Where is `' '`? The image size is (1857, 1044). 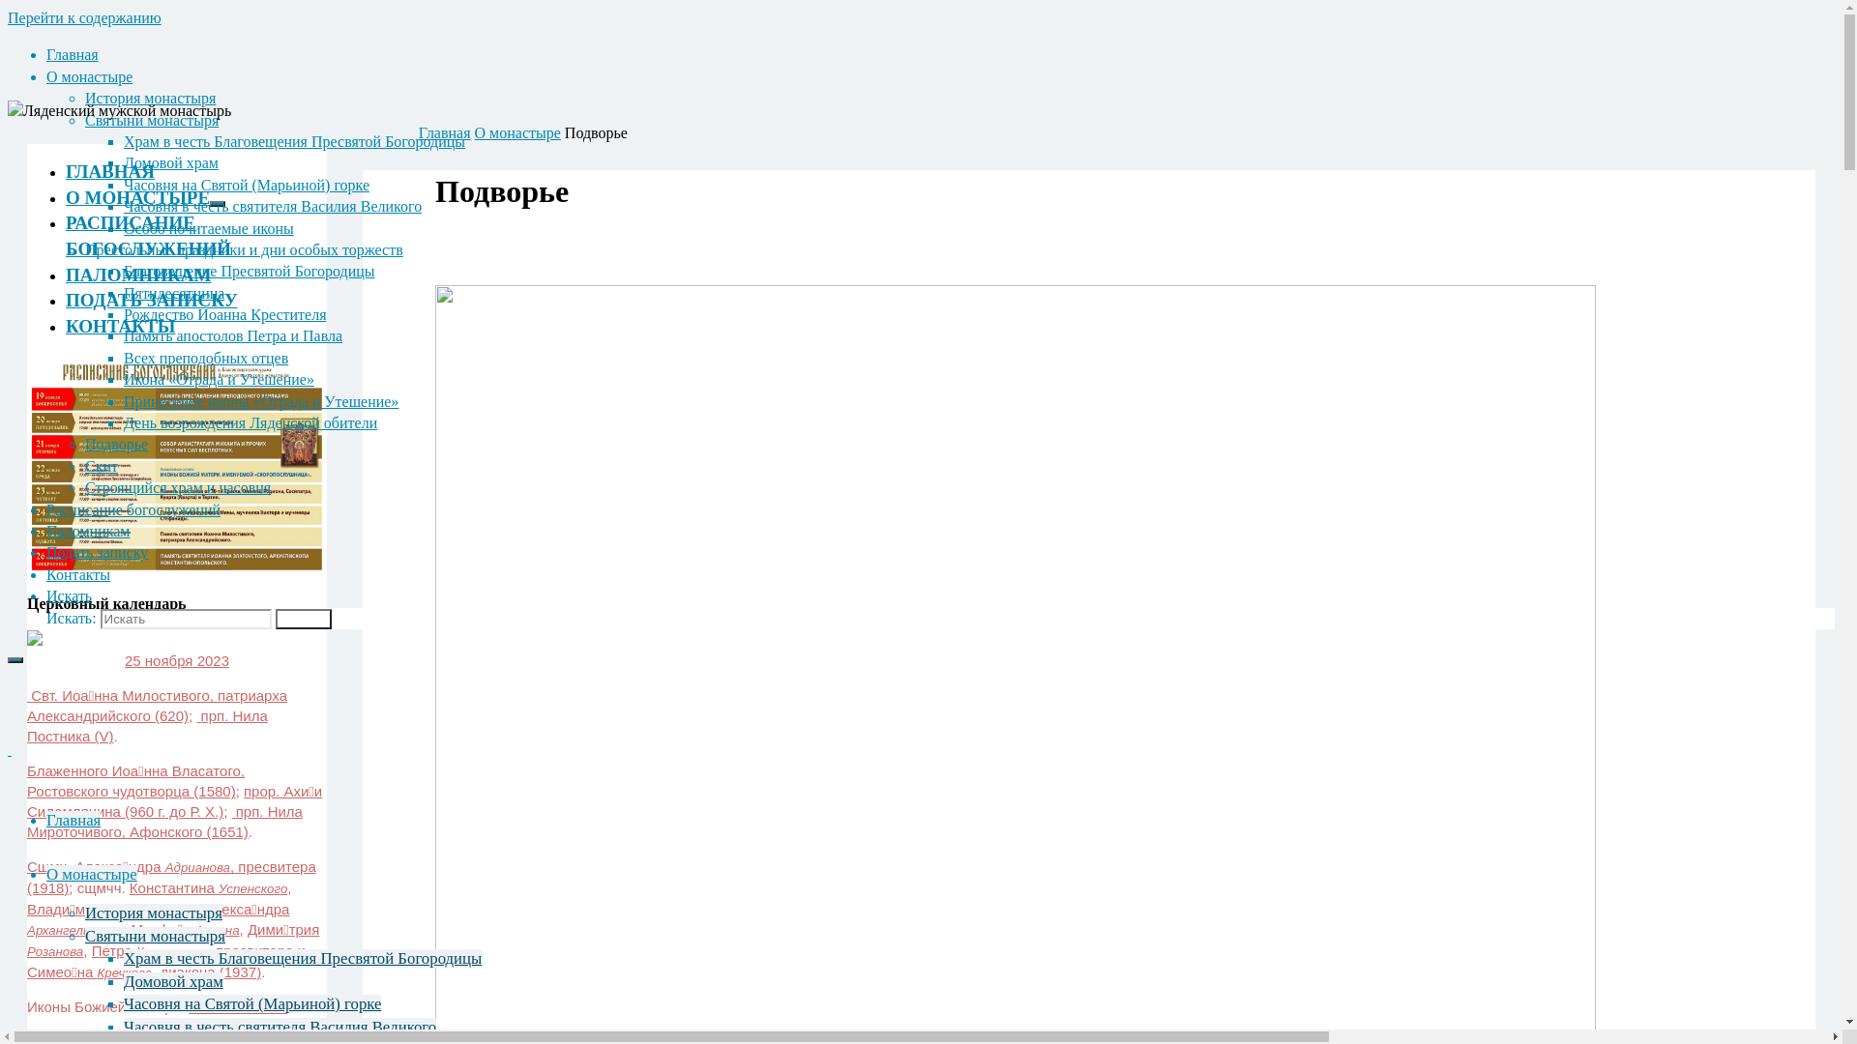
' ' is located at coordinates (9, 748).